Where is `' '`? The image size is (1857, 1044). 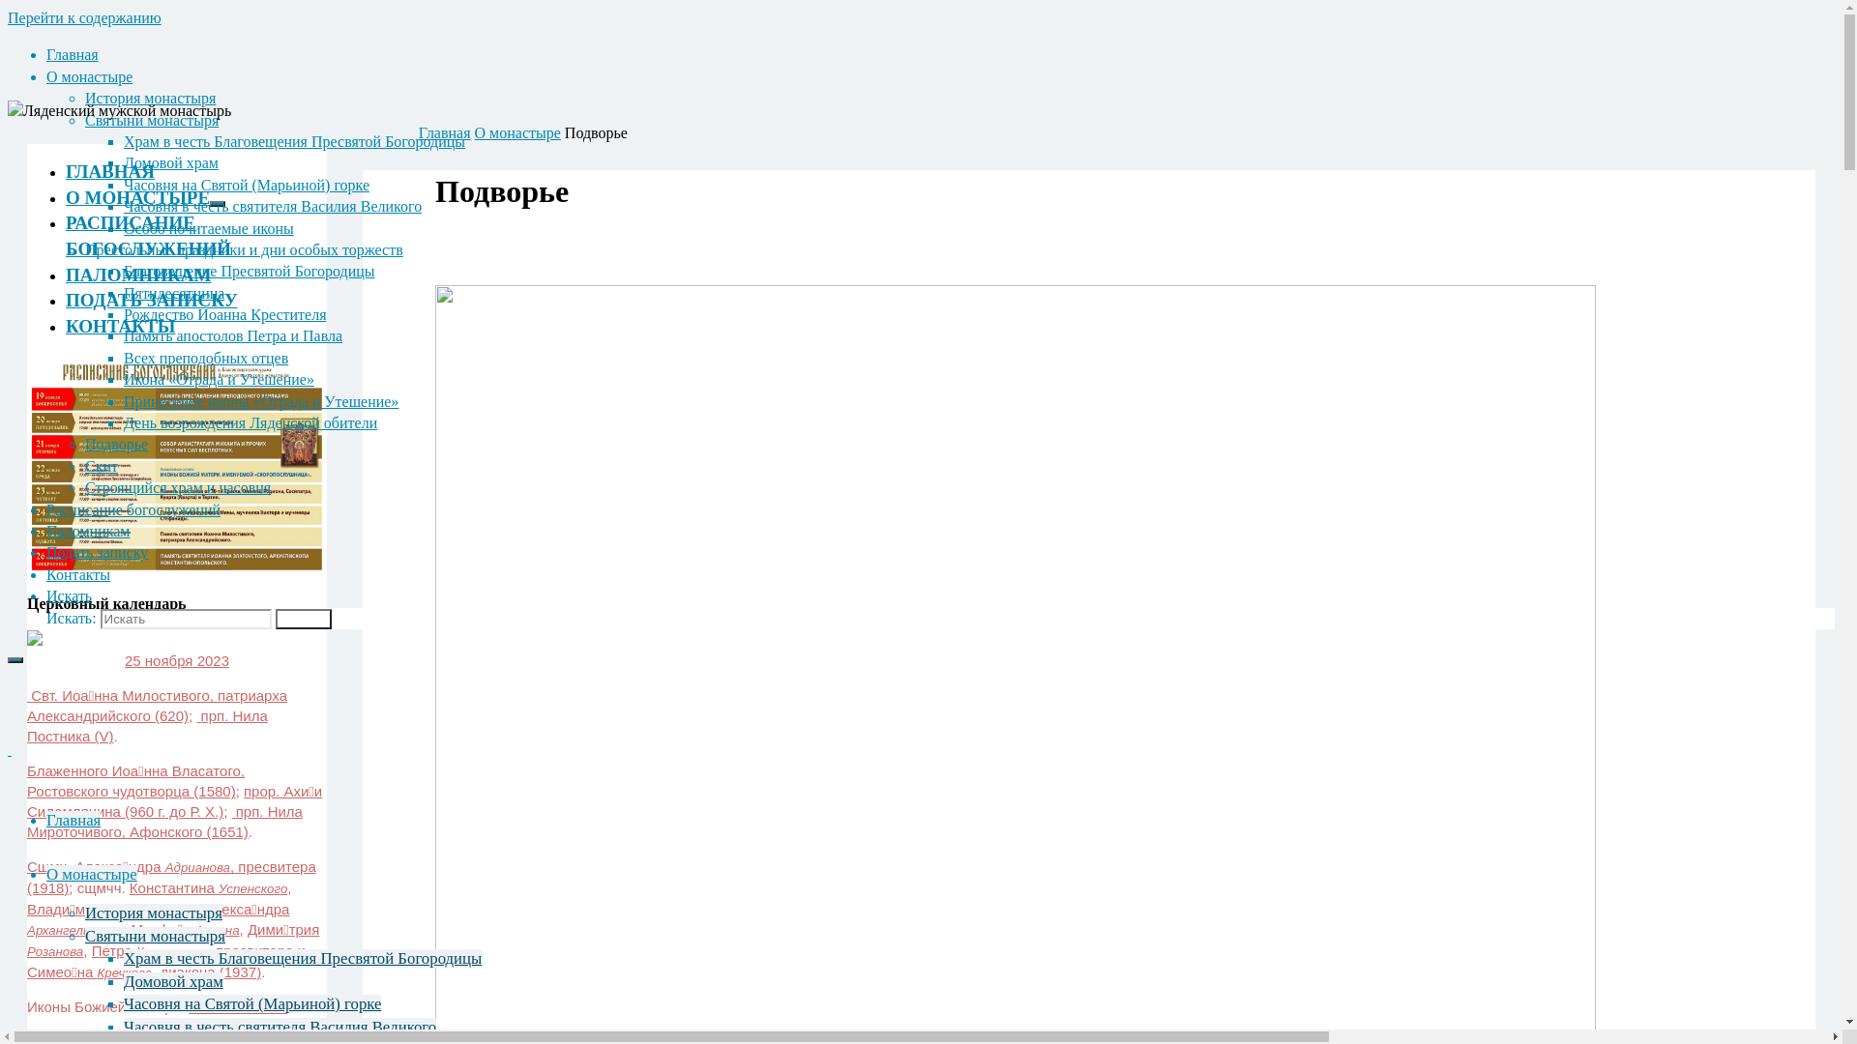
' ' is located at coordinates (9, 748).